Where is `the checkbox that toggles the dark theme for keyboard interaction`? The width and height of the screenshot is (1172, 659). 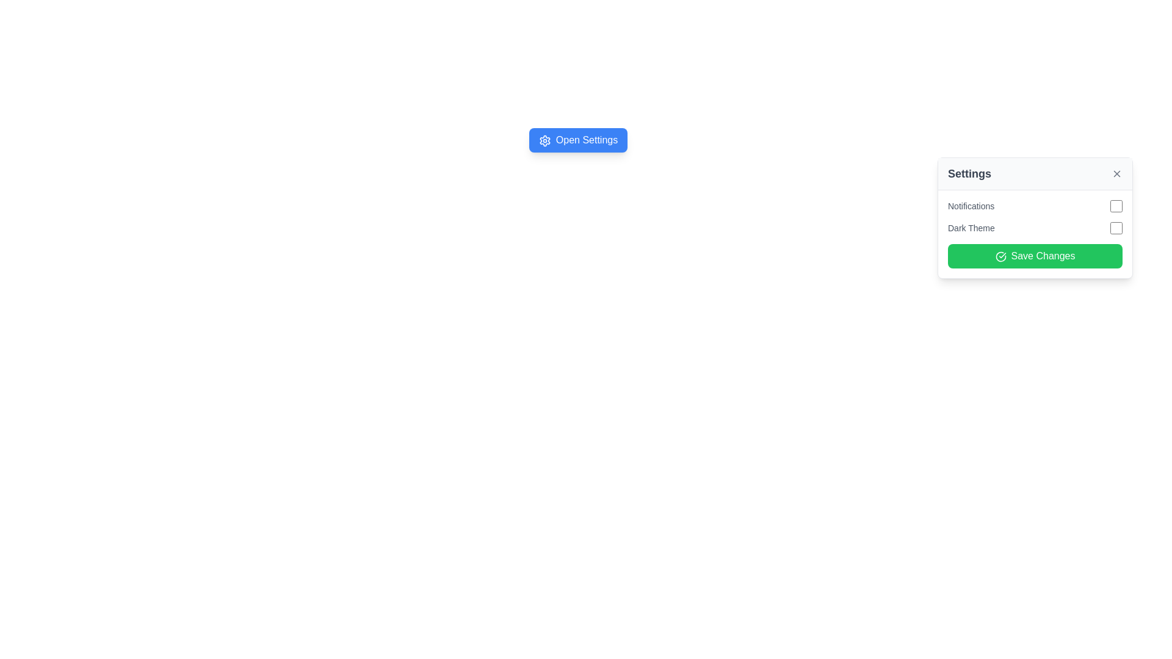 the checkbox that toggles the dark theme for keyboard interaction is located at coordinates (1034, 228).